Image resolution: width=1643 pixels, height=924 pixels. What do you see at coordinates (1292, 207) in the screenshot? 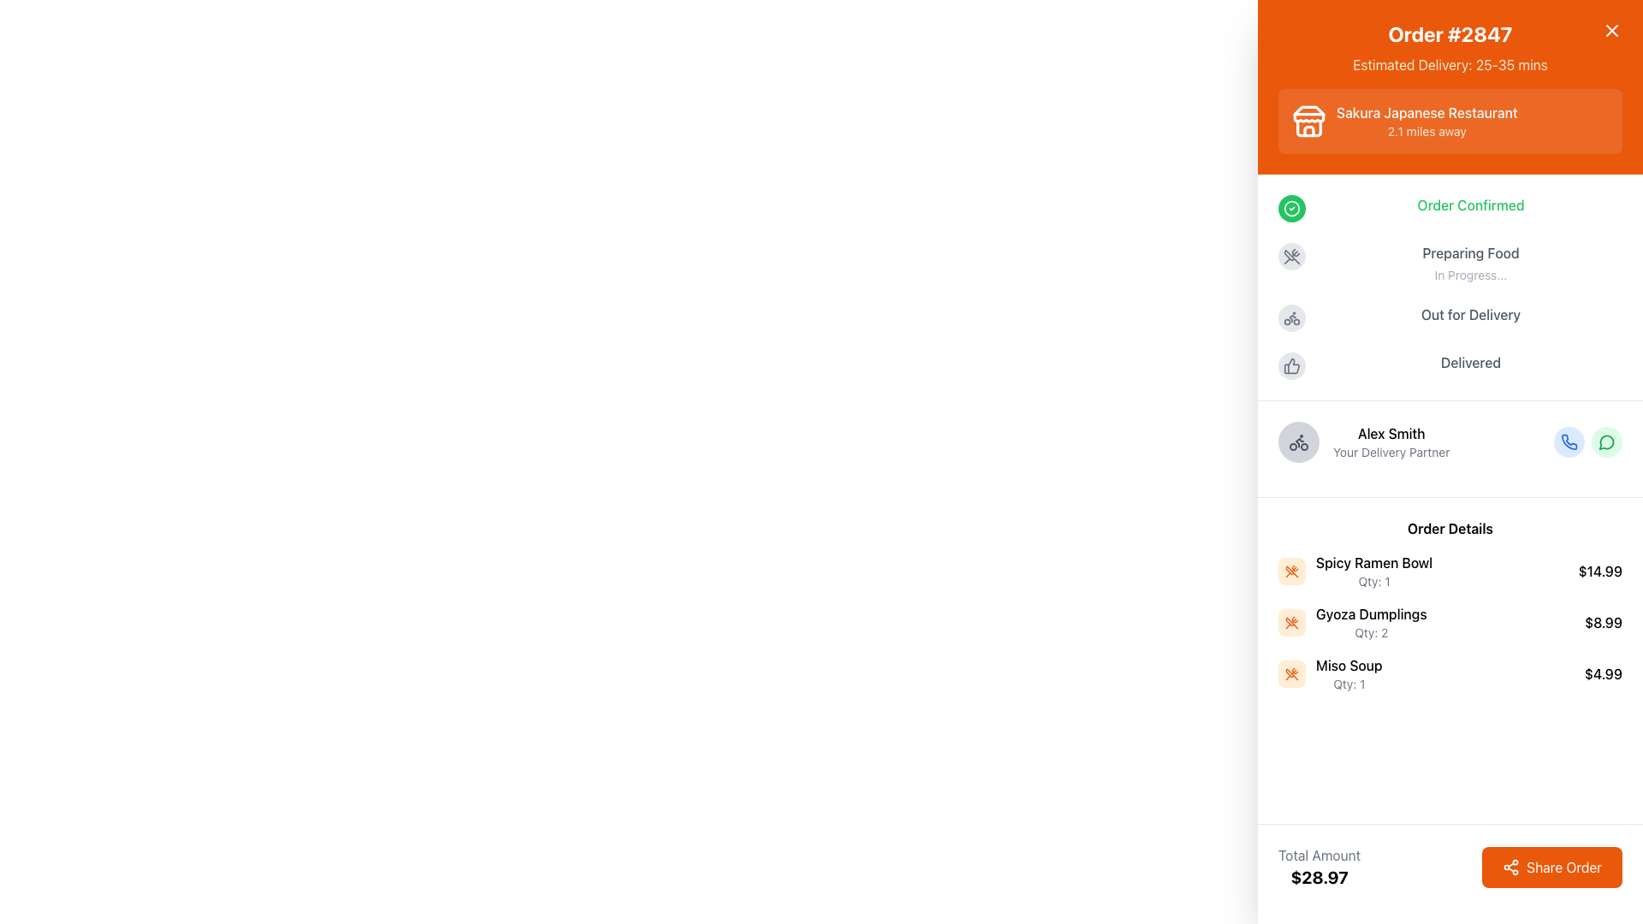
I see `the SVG circle shape that represents the confirmation status, which is white and situated on a green background, located to the left of the 'Order Confirmed' label` at bounding box center [1292, 207].